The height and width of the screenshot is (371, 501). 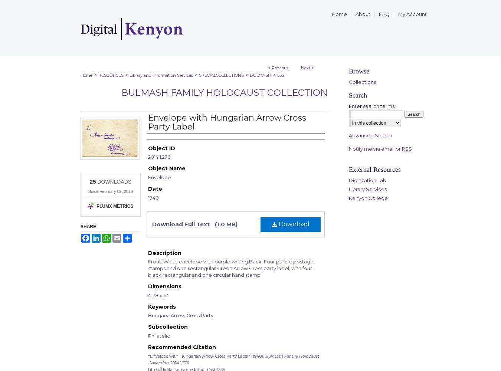 I want to click on 'RESOURCES', so click(x=98, y=75).